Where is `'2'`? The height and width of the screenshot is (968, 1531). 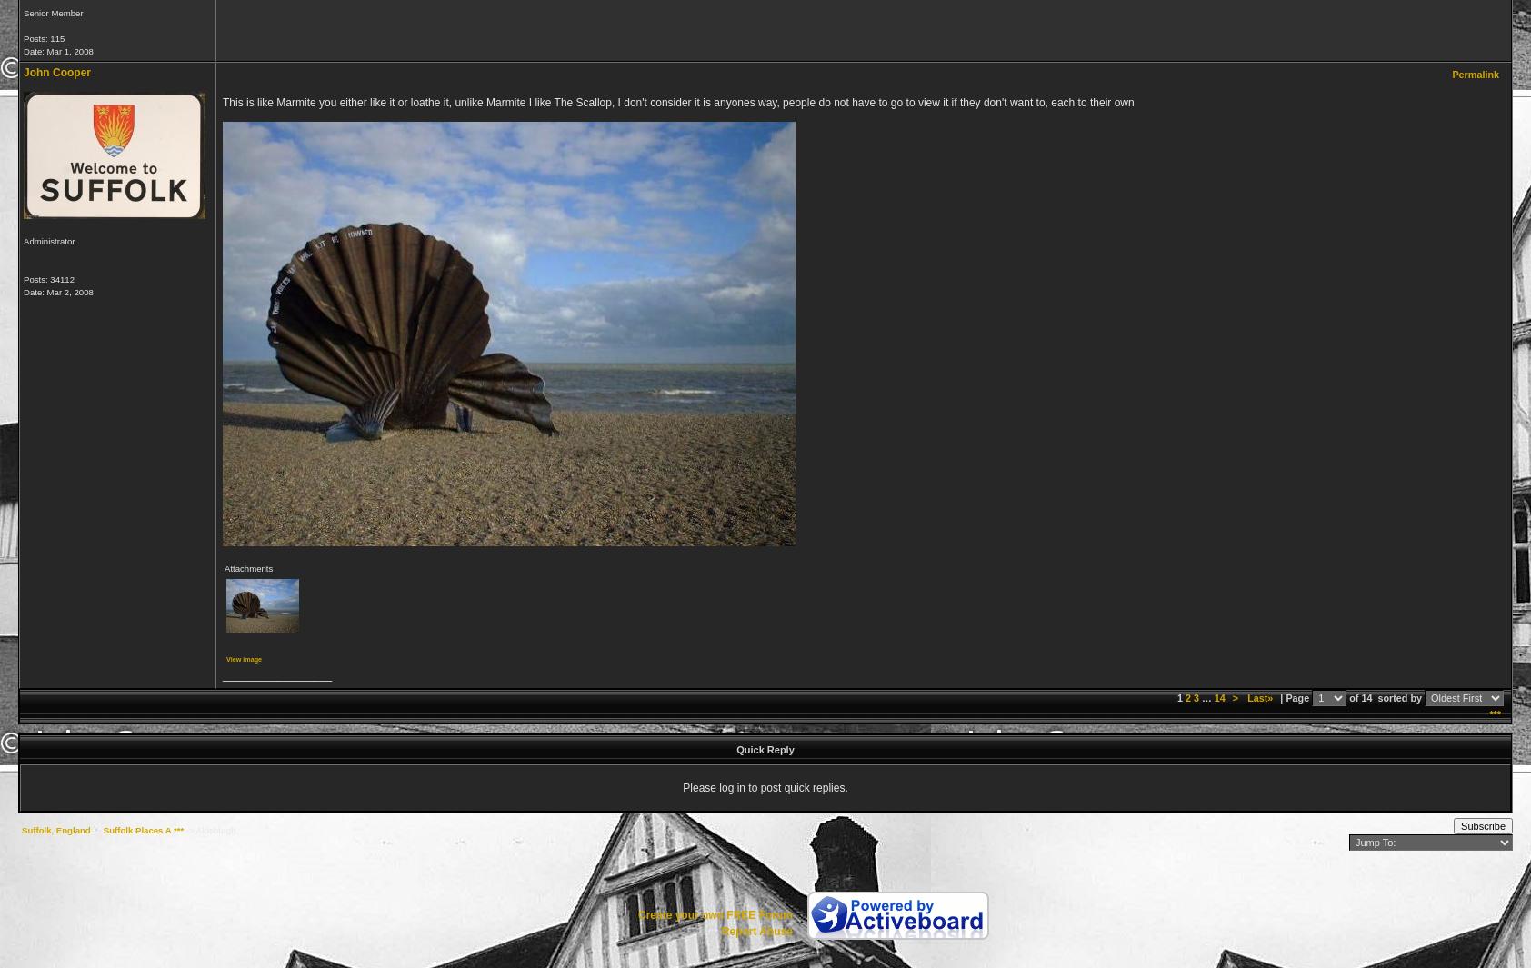
'2' is located at coordinates (1186, 697).